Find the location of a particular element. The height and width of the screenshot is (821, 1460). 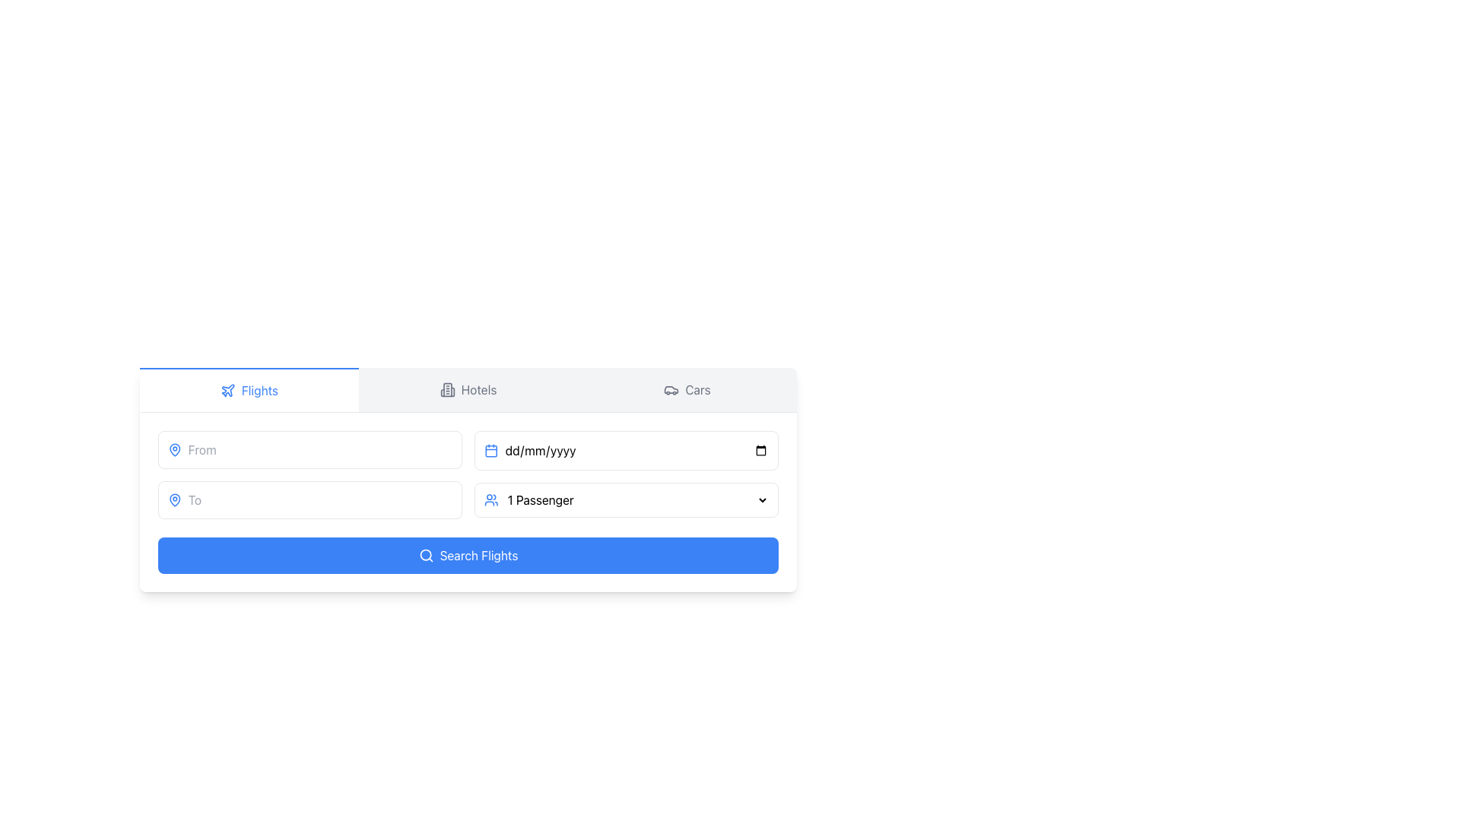

the Text label that serves as a navigational link related to cars, positioned to the right of a car icon in the horizontal navigation bar at the top of the form interface is located at coordinates (697, 389).